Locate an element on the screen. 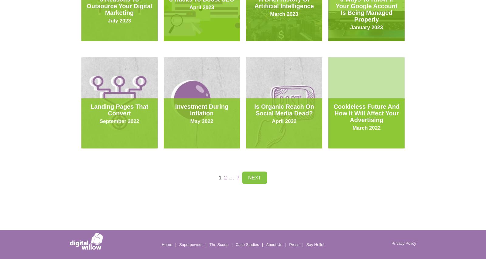 Image resolution: width=486 pixels, height=259 pixels. 'Privacy Policy' is located at coordinates (403, 243).